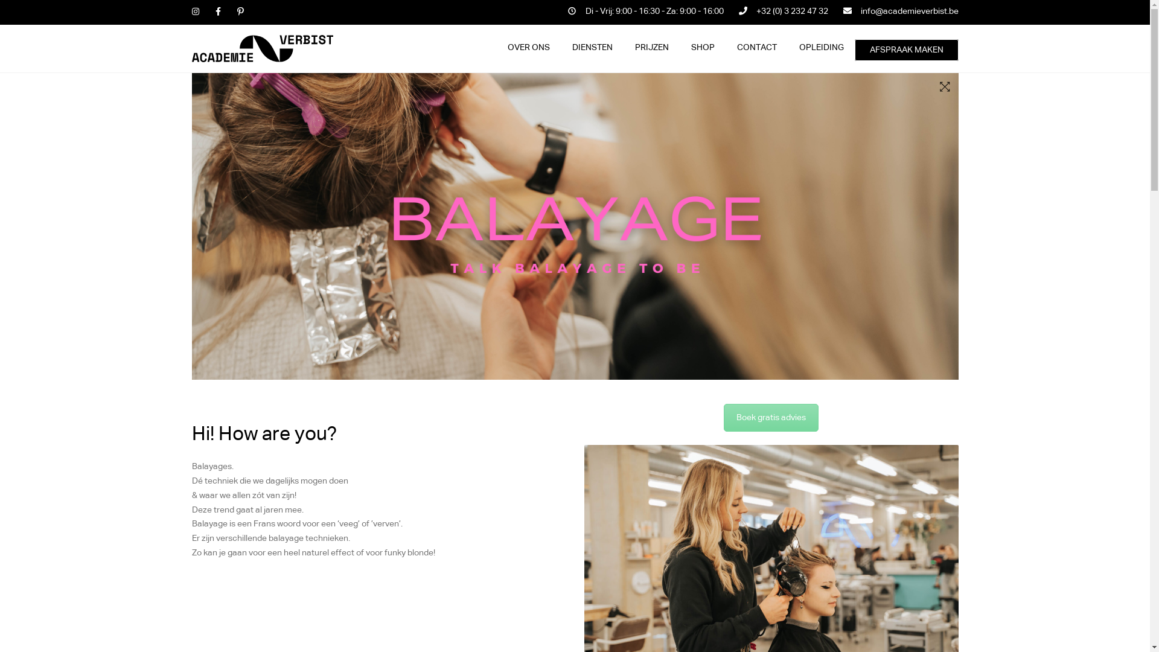 The image size is (1159, 652). I want to click on 'Privacybeleid', so click(322, 616).